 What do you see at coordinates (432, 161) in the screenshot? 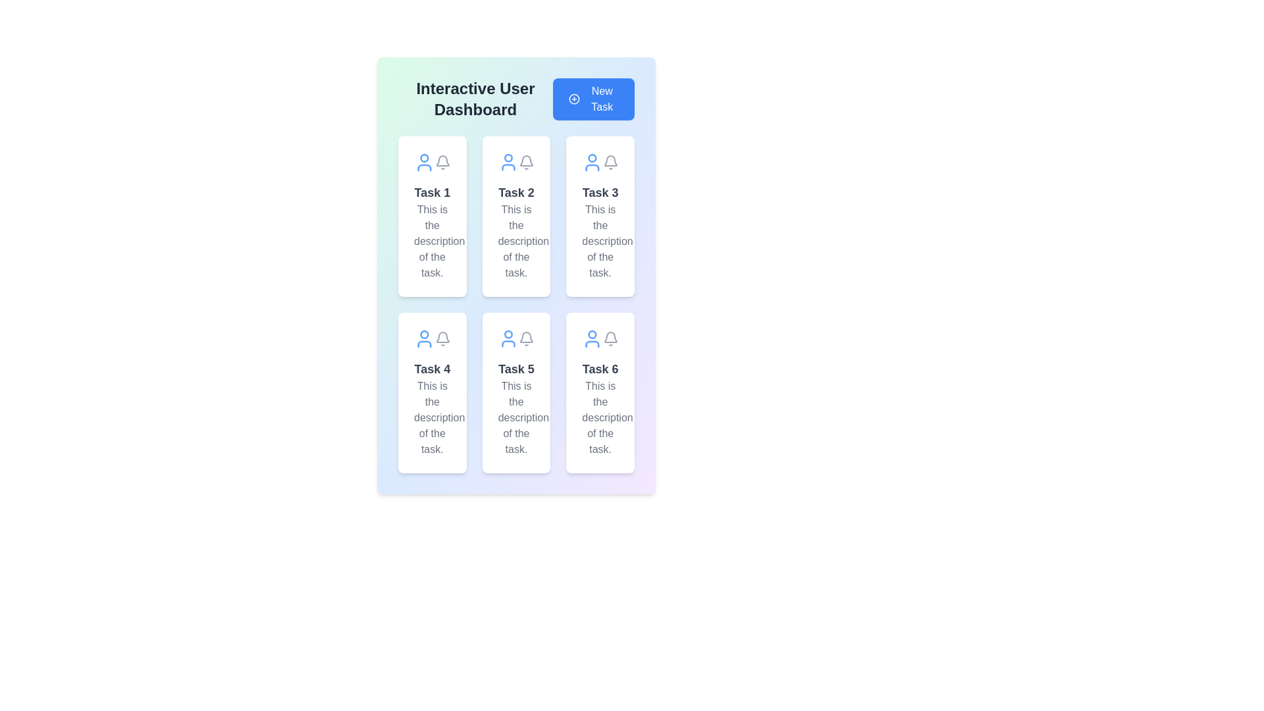
I see `the Decorative icon group consisting of a user profile icon in blue and a notification bell icon in gray, located in the top-left corner of the 'Task 1' card in the dashboard` at bounding box center [432, 161].